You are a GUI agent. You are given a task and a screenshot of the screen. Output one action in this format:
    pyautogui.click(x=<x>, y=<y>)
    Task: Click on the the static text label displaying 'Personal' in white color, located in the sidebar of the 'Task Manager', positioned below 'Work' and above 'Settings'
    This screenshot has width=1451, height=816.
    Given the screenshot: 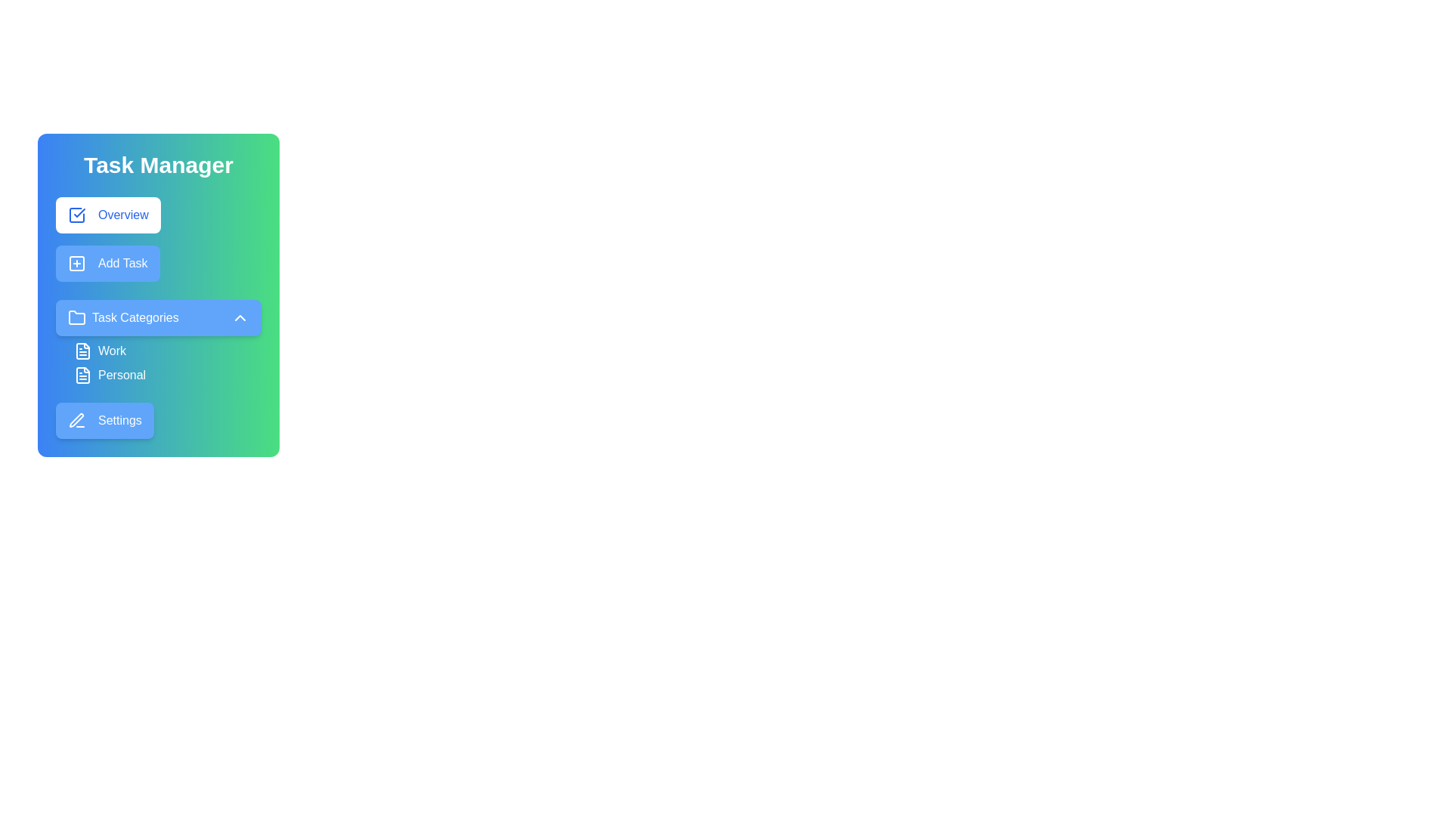 What is the action you would take?
    pyautogui.click(x=122, y=375)
    